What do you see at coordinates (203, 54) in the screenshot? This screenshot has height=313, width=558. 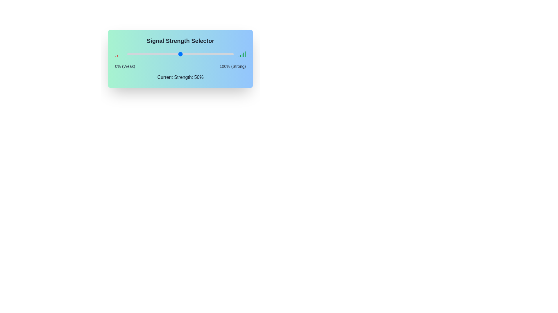 I see `the signal strength slider to 72%` at bounding box center [203, 54].